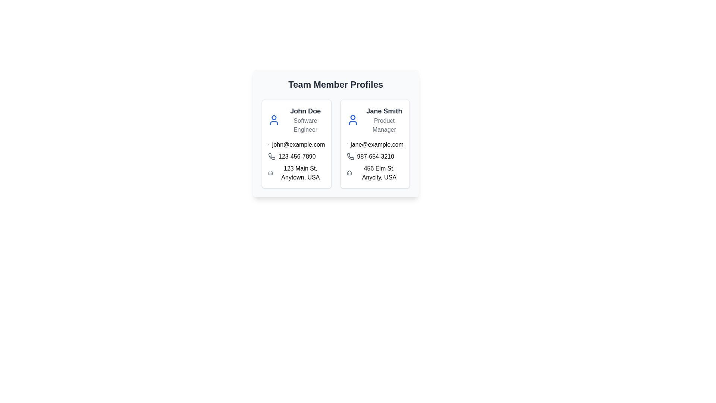 The height and width of the screenshot is (403, 716). I want to click on the phone icon located in the second profile panel, so click(350, 156).